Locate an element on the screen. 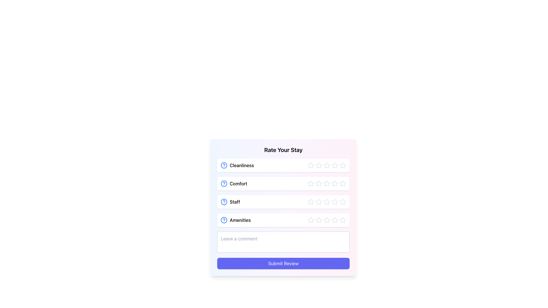 The image size is (548, 308). the 'Amenities' Rating Row, which includes star icons for user interaction, to allow for rating selection is located at coordinates (283, 220).